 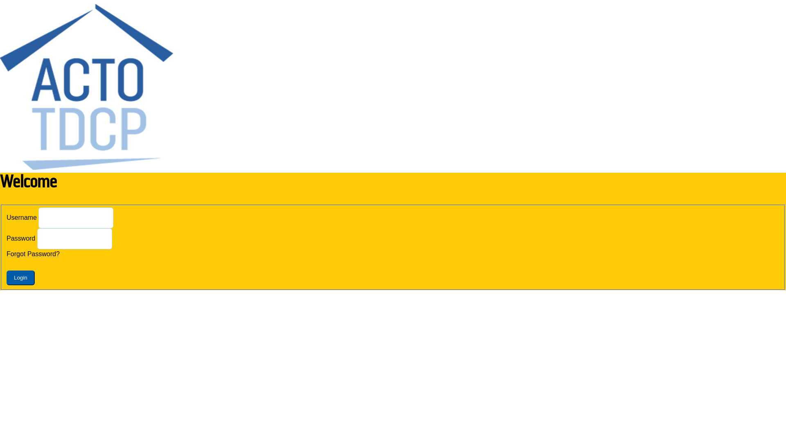 What do you see at coordinates (33, 254) in the screenshot?
I see `'Forgot Password?'` at bounding box center [33, 254].